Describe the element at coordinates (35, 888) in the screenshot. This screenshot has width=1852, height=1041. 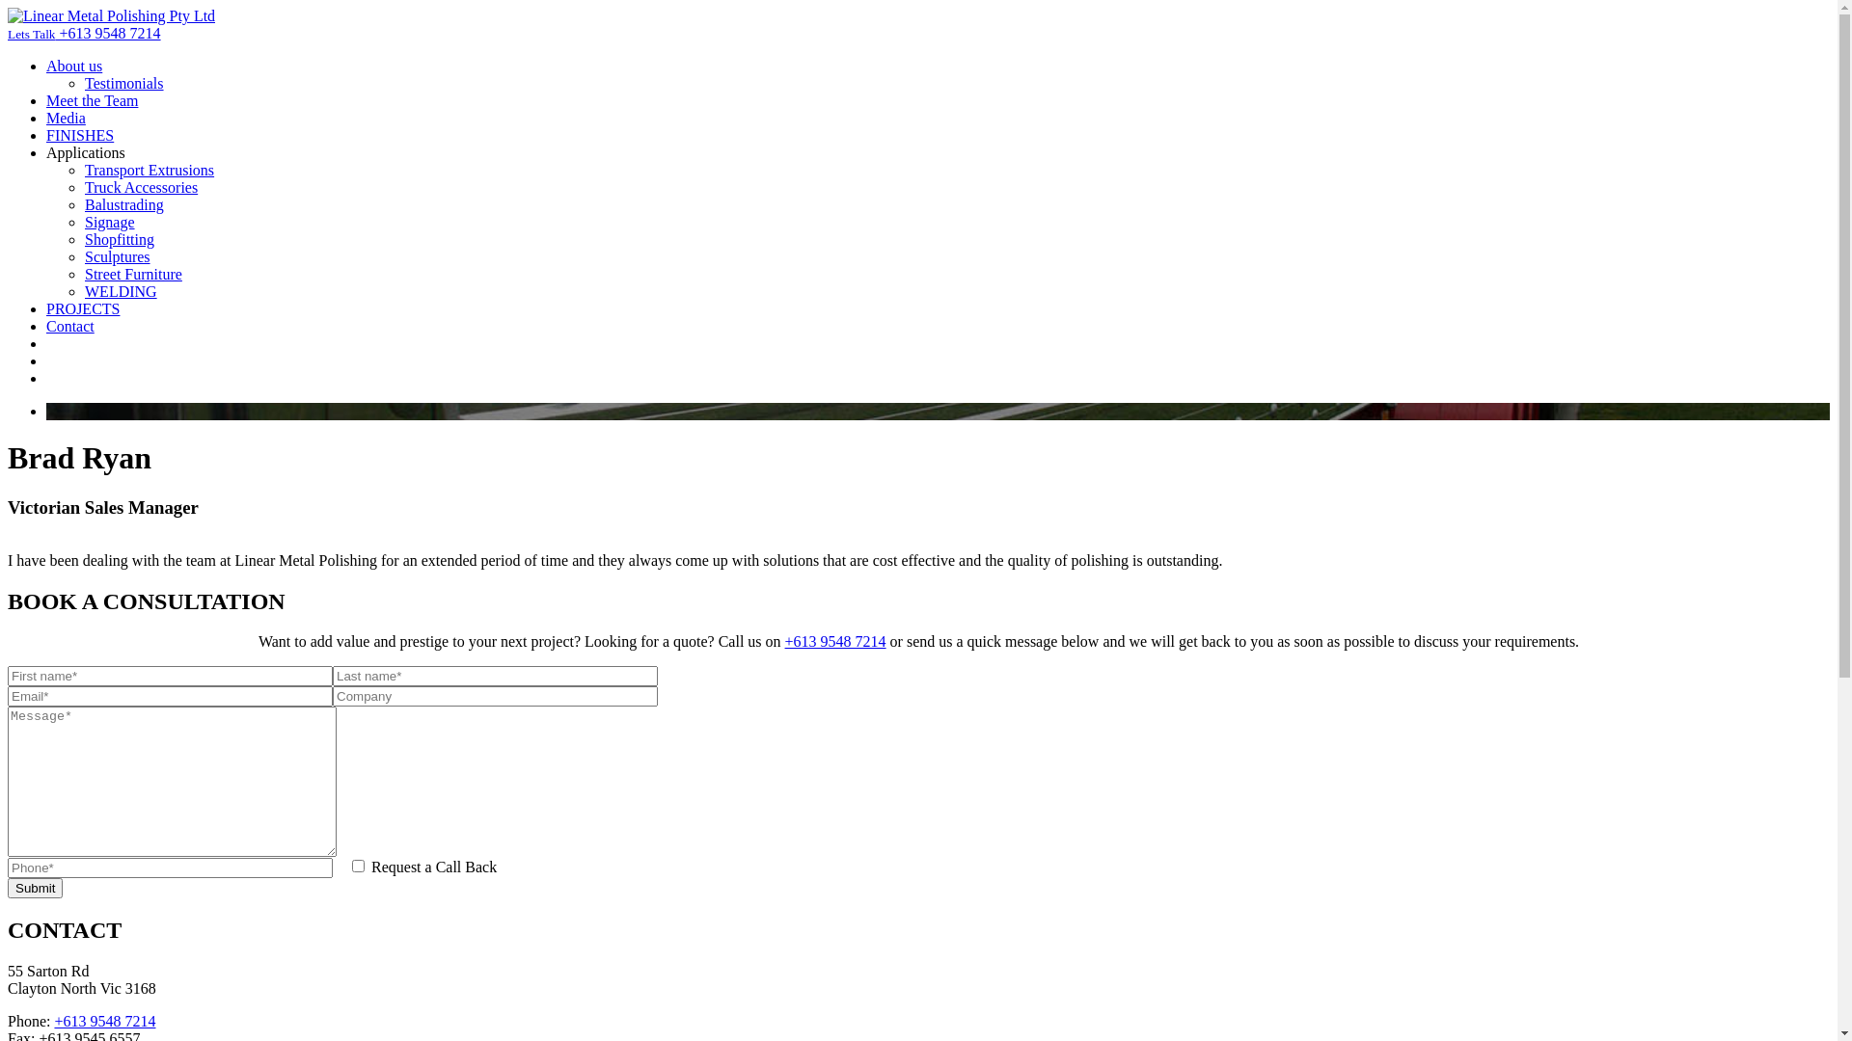
I see `'Submit'` at that location.